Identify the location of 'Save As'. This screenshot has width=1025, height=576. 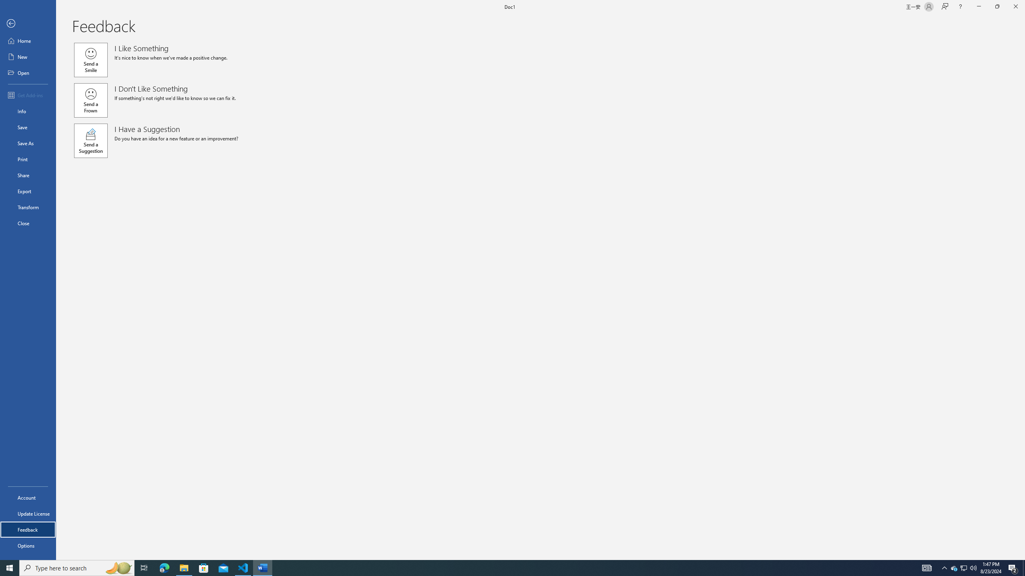
(28, 142).